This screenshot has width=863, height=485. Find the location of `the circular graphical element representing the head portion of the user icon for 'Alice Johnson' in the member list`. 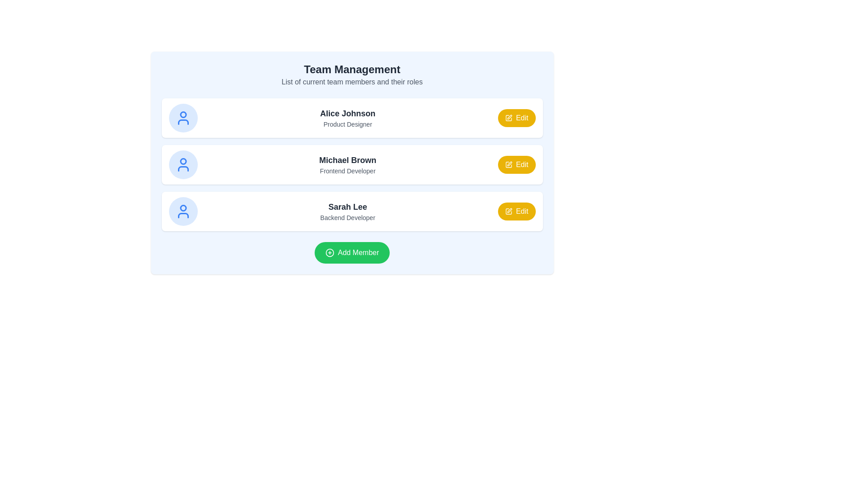

the circular graphical element representing the head portion of the user icon for 'Alice Johnson' in the member list is located at coordinates (182, 114).